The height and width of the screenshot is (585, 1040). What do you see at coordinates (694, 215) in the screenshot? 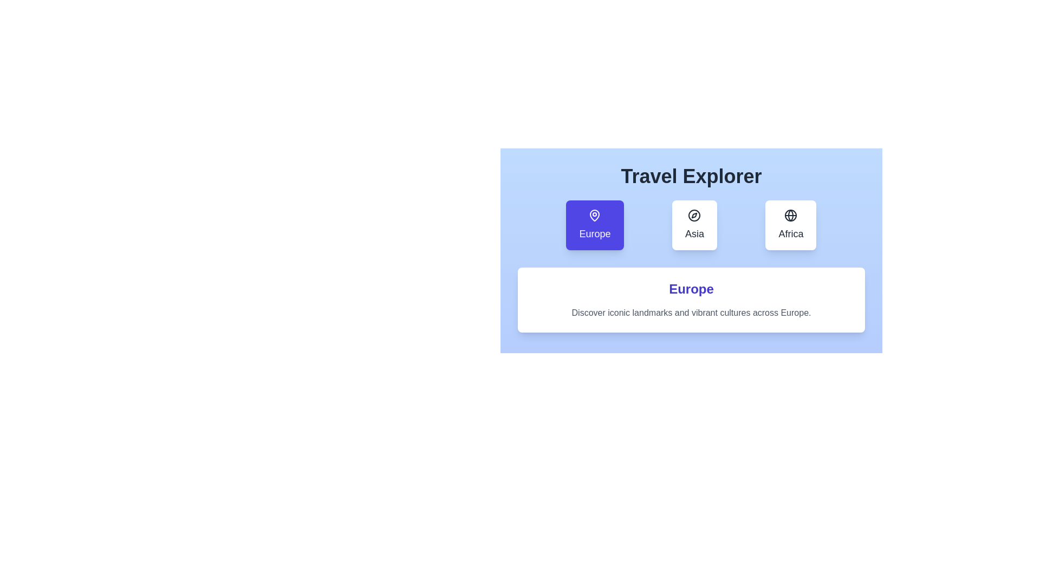
I see `the compass icon representing exploration or navigation within the 'Asia' card, which is the second card in a sequence of three` at bounding box center [694, 215].